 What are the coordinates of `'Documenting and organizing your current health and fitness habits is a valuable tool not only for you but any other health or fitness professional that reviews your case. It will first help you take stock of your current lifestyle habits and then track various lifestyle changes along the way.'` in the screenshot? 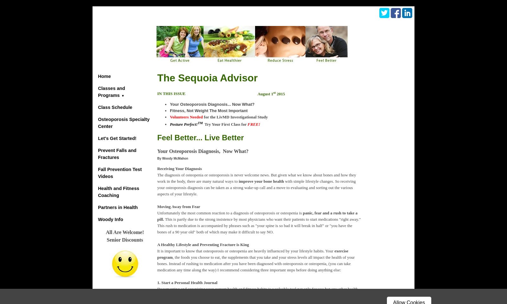 It's located at (258, 295).